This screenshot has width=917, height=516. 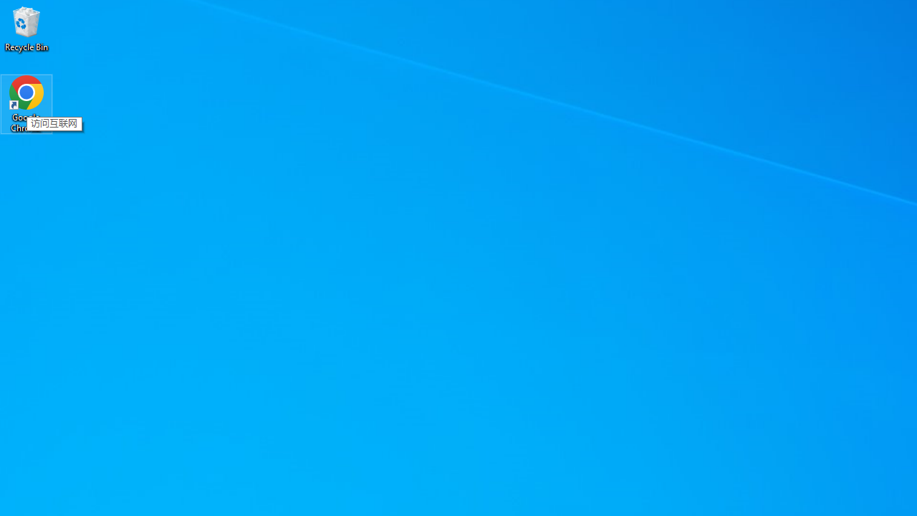 I want to click on 'Google Chrome', so click(x=27, y=103).